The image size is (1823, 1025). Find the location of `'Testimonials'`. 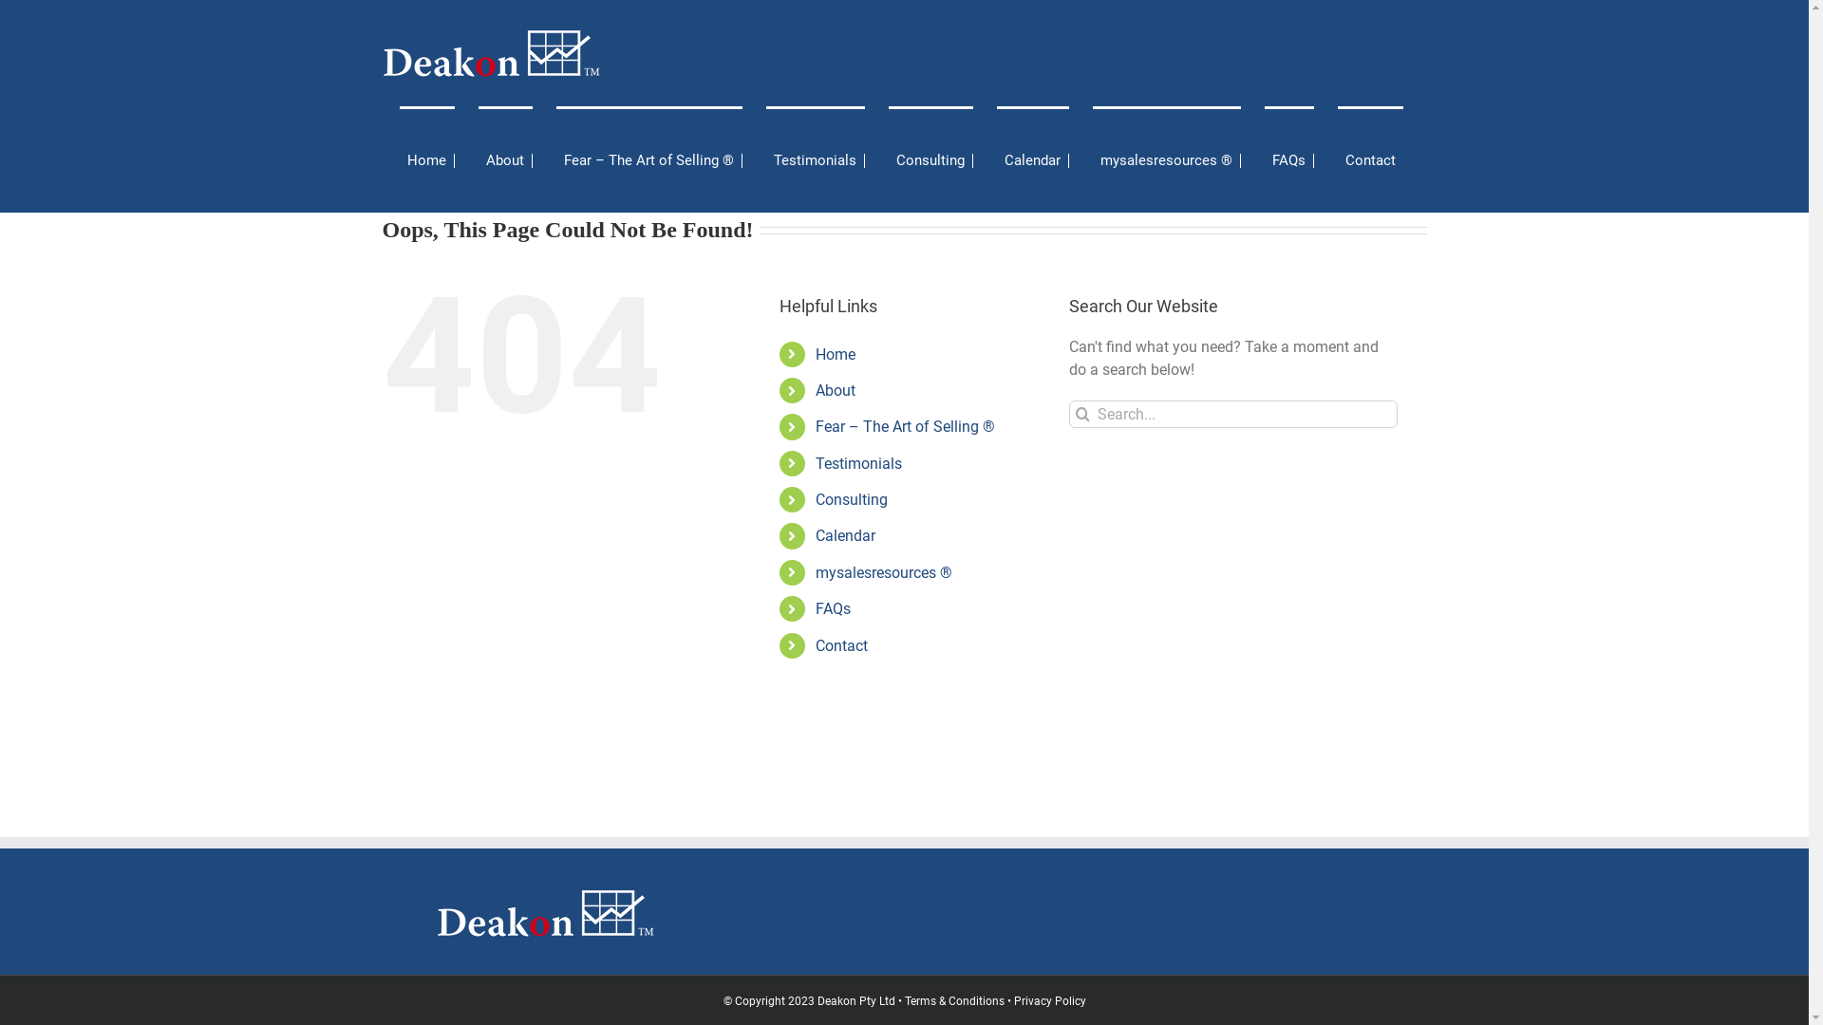

'Testimonials' is located at coordinates (857, 463).